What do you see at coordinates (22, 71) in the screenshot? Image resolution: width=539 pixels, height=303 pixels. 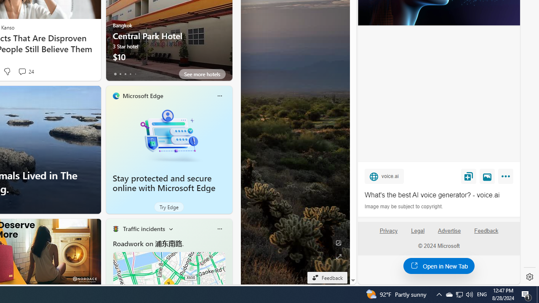 I see `'View comments 24 Comment'` at bounding box center [22, 71].